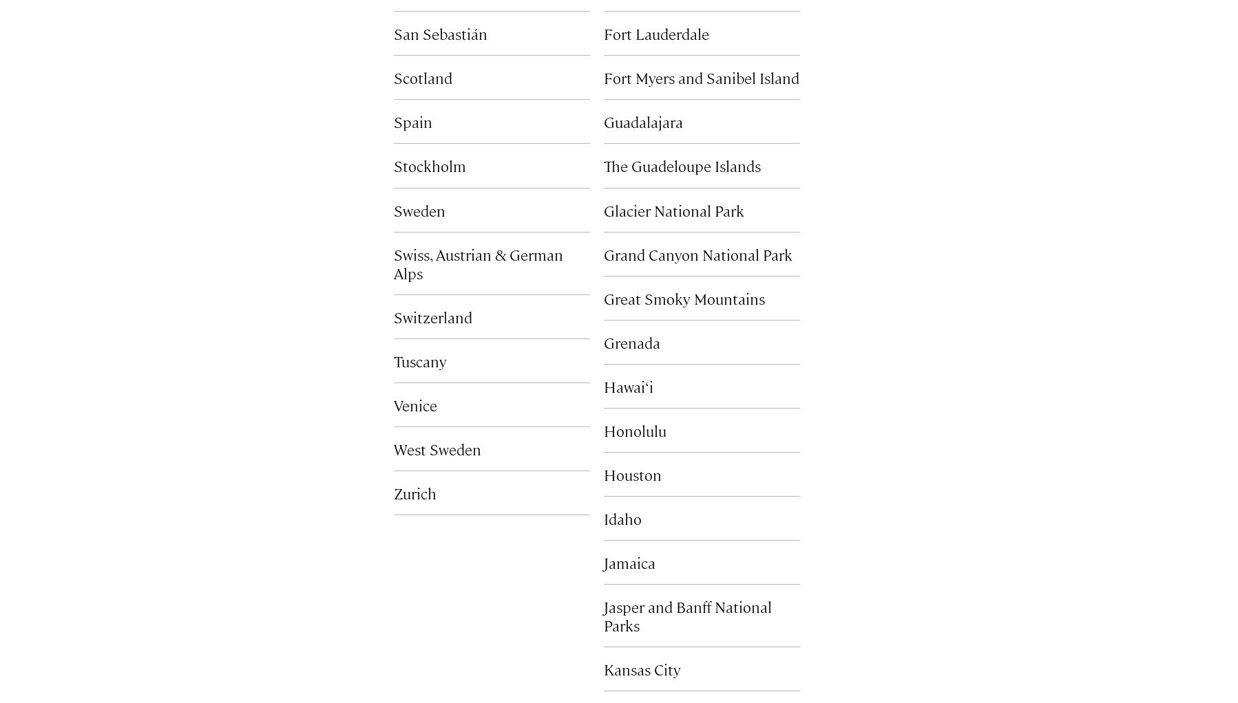 This screenshot has height=703, width=1238. Describe the element at coordinates (429, 164) in the screenshot. I see `'Stockholm'` at that location.